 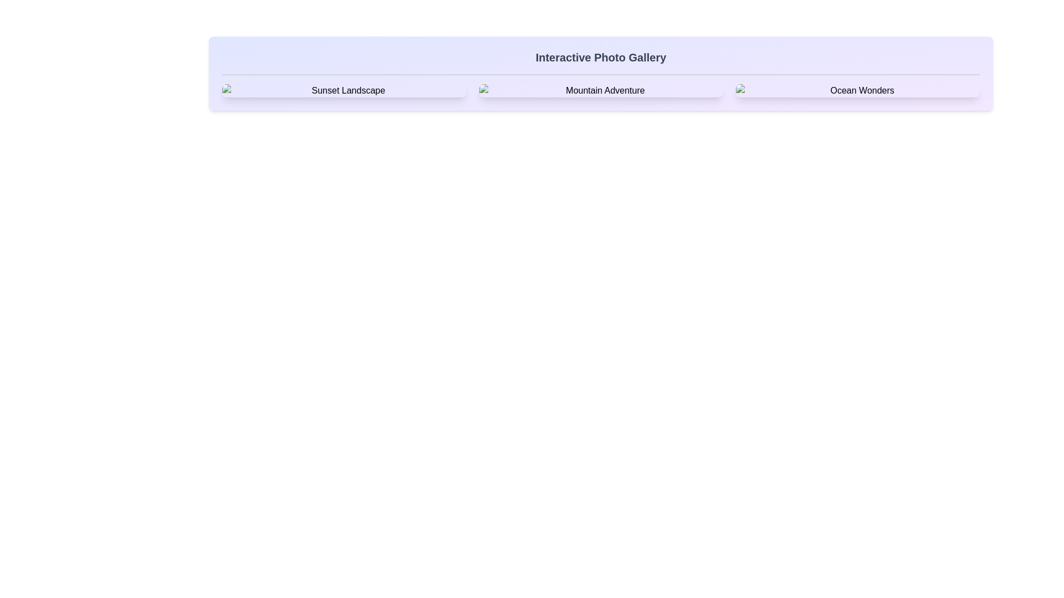 I want to click on the 'Mountain Adventure' interactive gallery item, which is the second item in a series of three, located centrally between 'Sunset Landscape' and 'Ocean Wonders', so click(x=600, y=90).